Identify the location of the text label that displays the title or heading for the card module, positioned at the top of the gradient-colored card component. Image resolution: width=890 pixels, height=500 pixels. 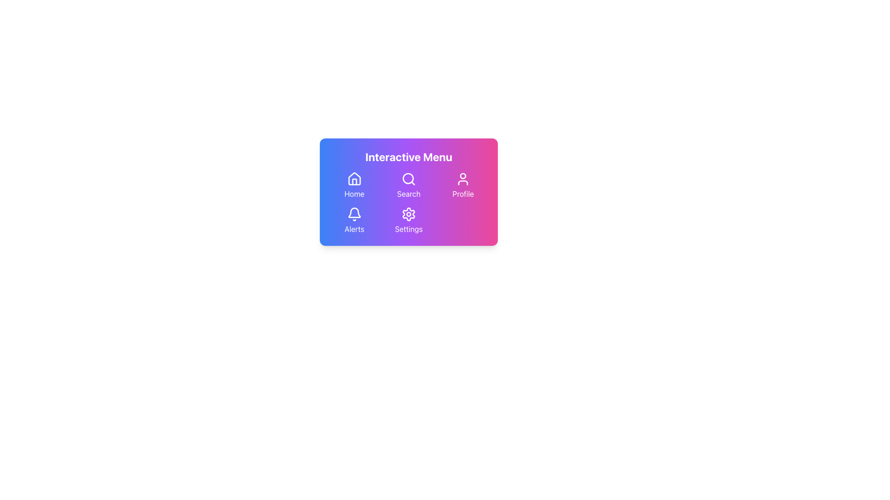
(408, 156).